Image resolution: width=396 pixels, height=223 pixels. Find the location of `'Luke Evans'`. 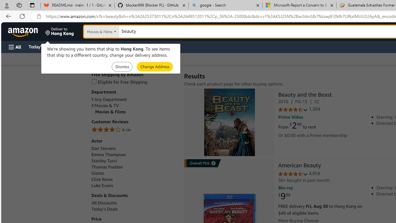

'Luke Evans' is located at coordinates (102, 185).